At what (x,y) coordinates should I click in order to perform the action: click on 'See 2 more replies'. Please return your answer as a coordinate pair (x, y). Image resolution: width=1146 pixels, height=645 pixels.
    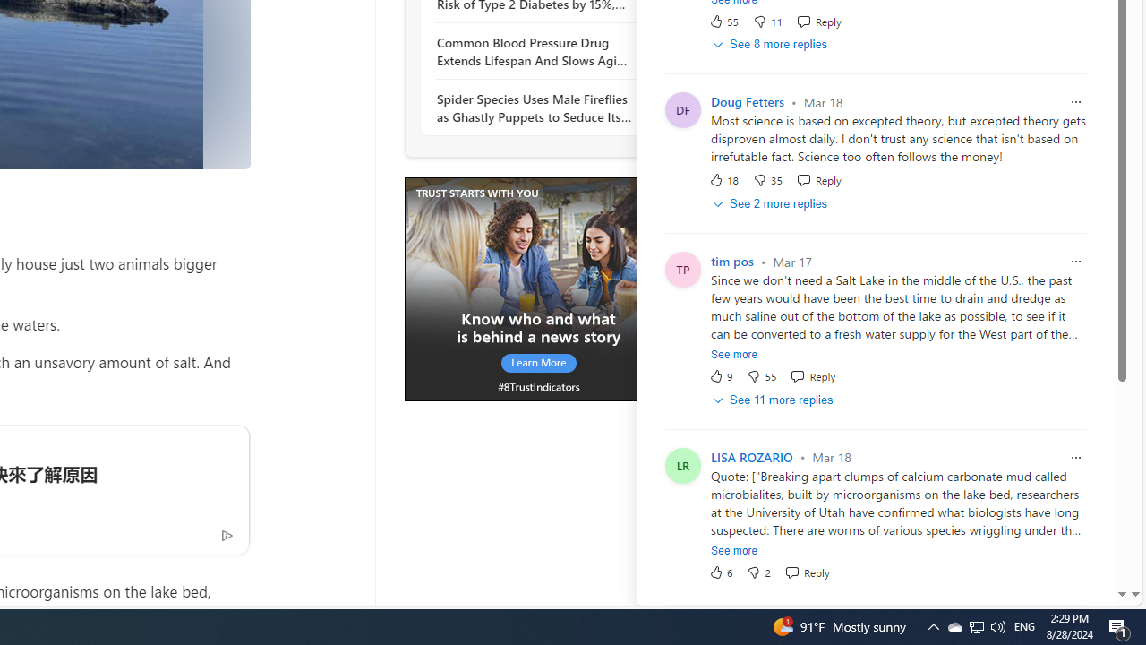
    Looking at the image, I should click on (772, 203).